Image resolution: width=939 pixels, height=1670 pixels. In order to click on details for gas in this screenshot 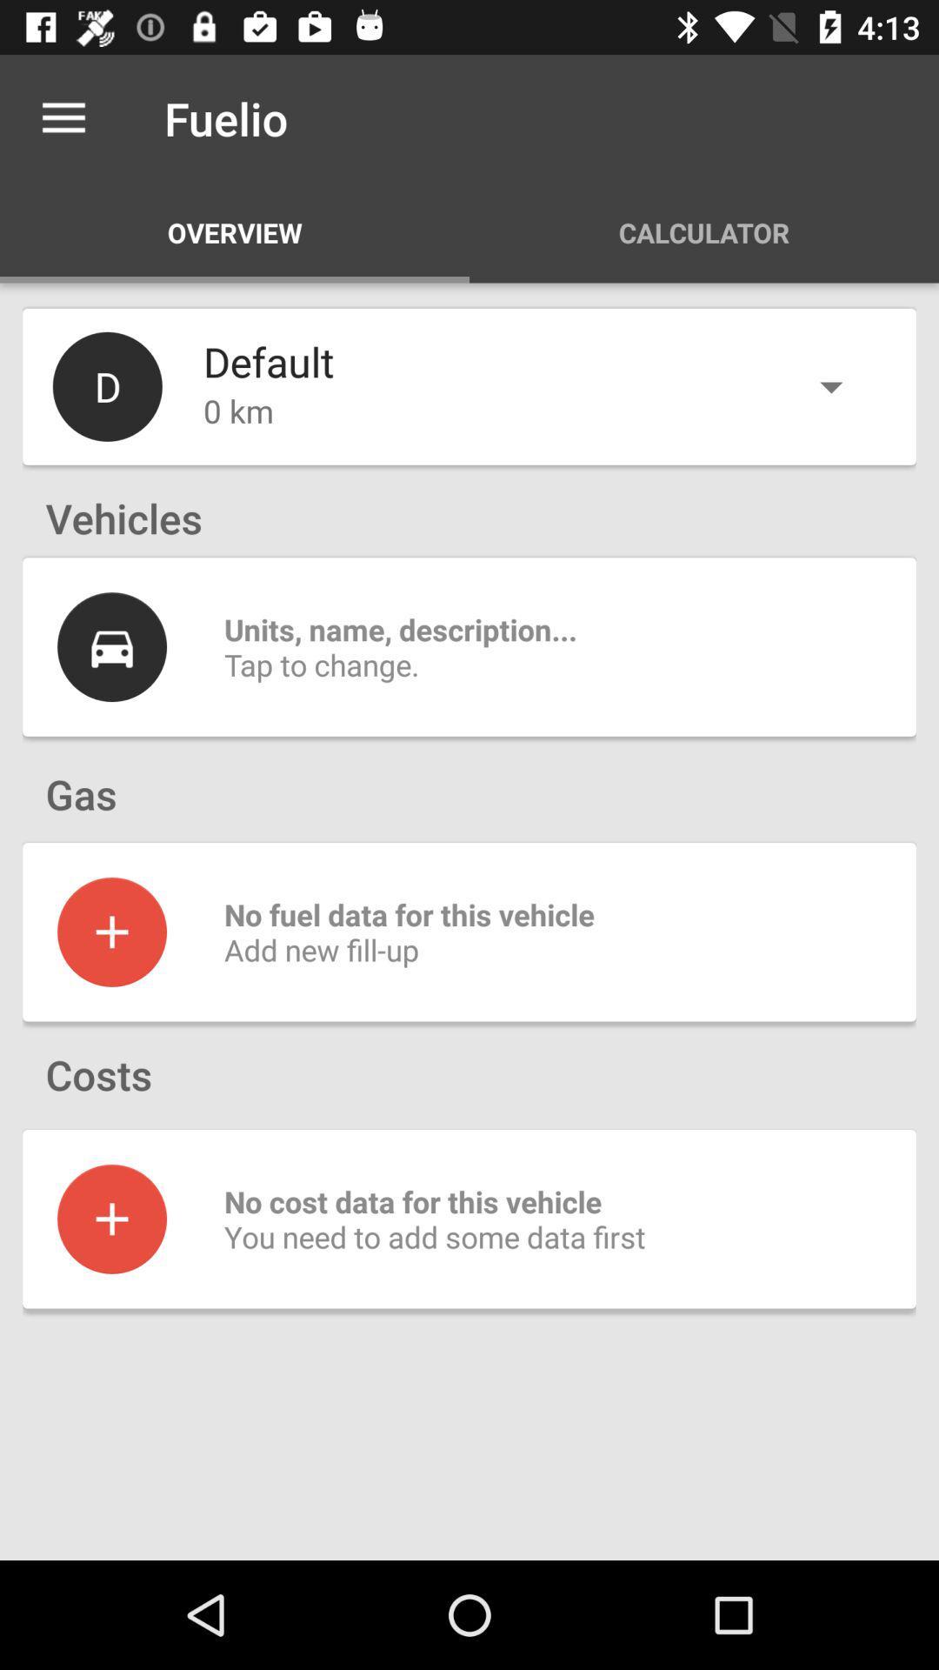, I will do `click(111, 931)`.